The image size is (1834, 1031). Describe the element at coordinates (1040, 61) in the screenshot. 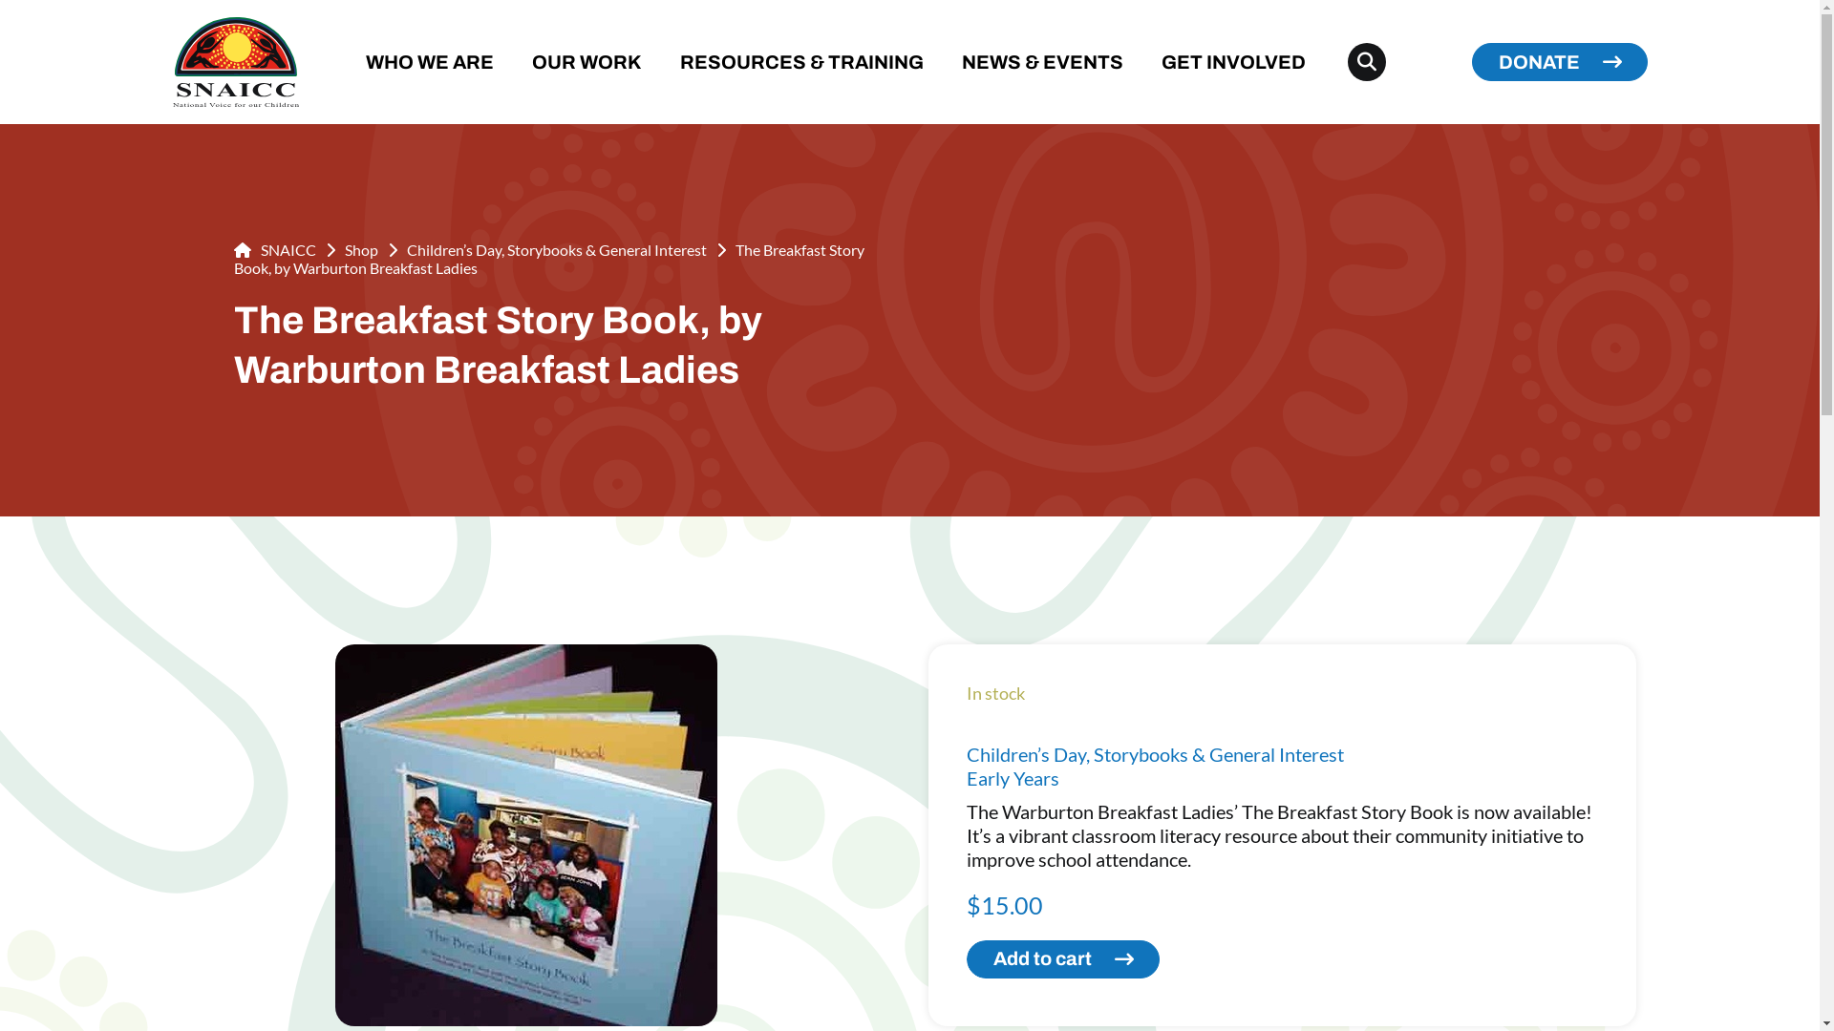

I see `'NEWS & EVENTS'` at that location.